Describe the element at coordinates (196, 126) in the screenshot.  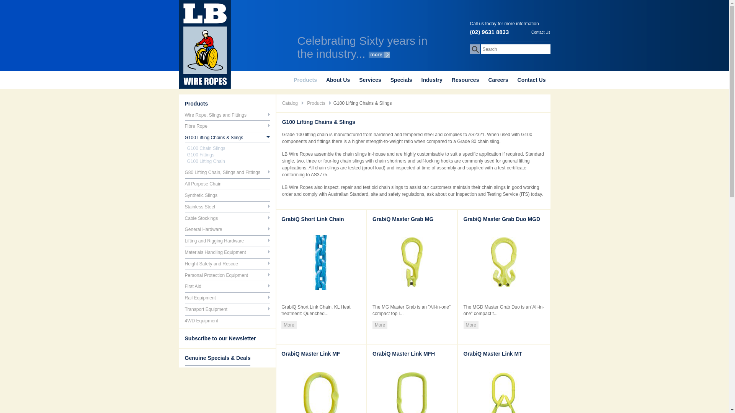
I see `'Fibre Rope'` at that location.